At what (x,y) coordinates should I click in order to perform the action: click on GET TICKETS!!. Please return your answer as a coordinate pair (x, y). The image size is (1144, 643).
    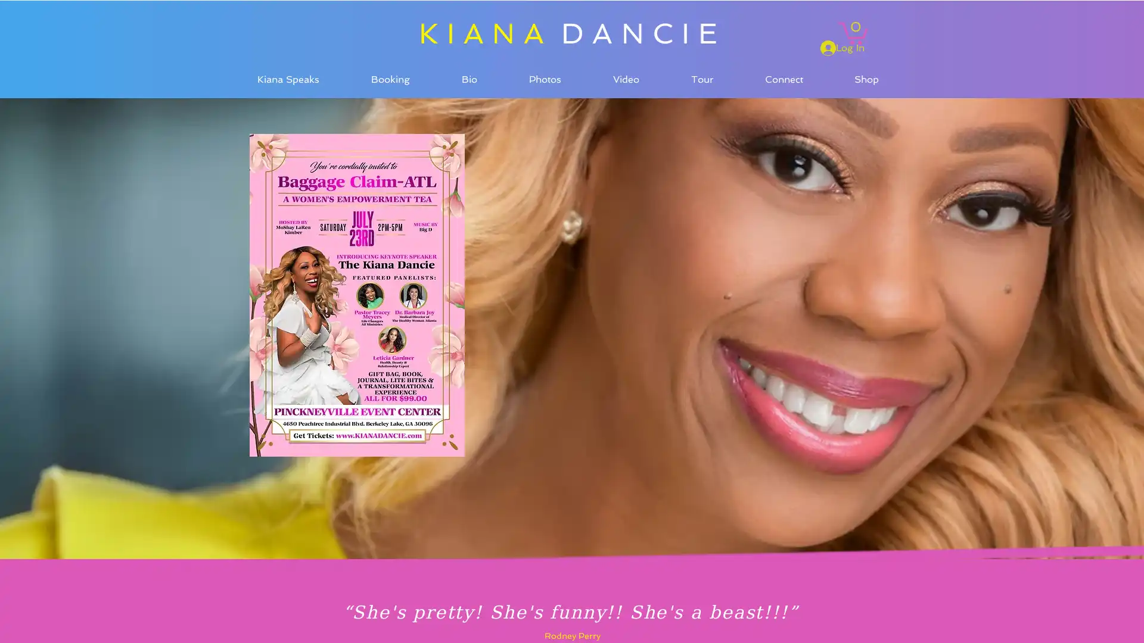
    Looking at the image, I should click on (291, 117).